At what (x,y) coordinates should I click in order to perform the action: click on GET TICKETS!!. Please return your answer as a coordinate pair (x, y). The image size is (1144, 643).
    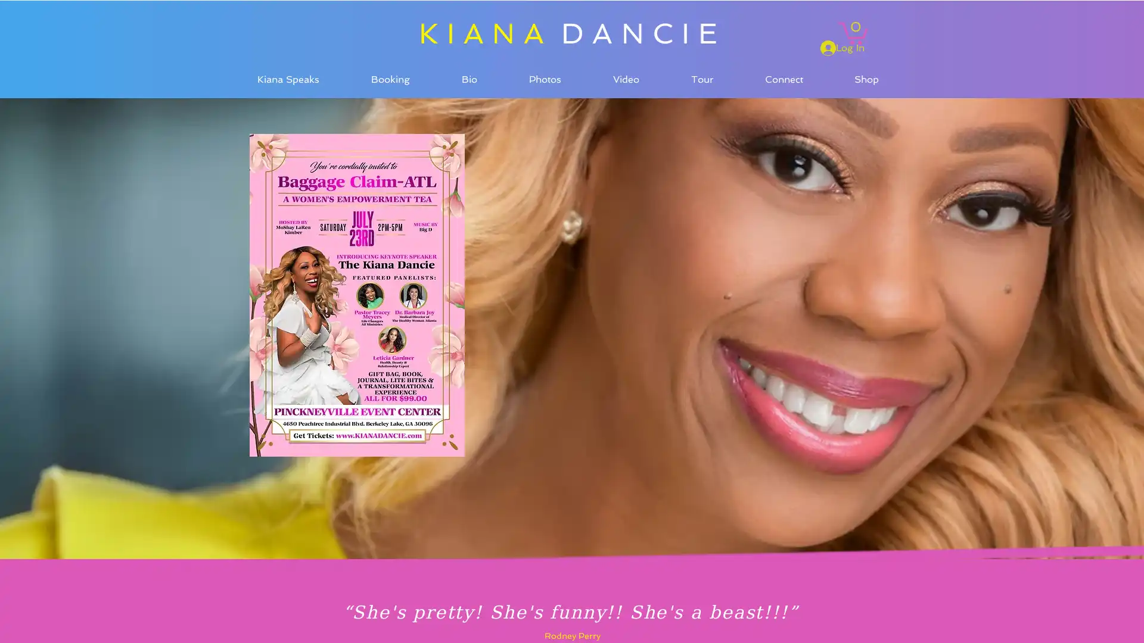
    Looking at the image, I should click on (291, 117).